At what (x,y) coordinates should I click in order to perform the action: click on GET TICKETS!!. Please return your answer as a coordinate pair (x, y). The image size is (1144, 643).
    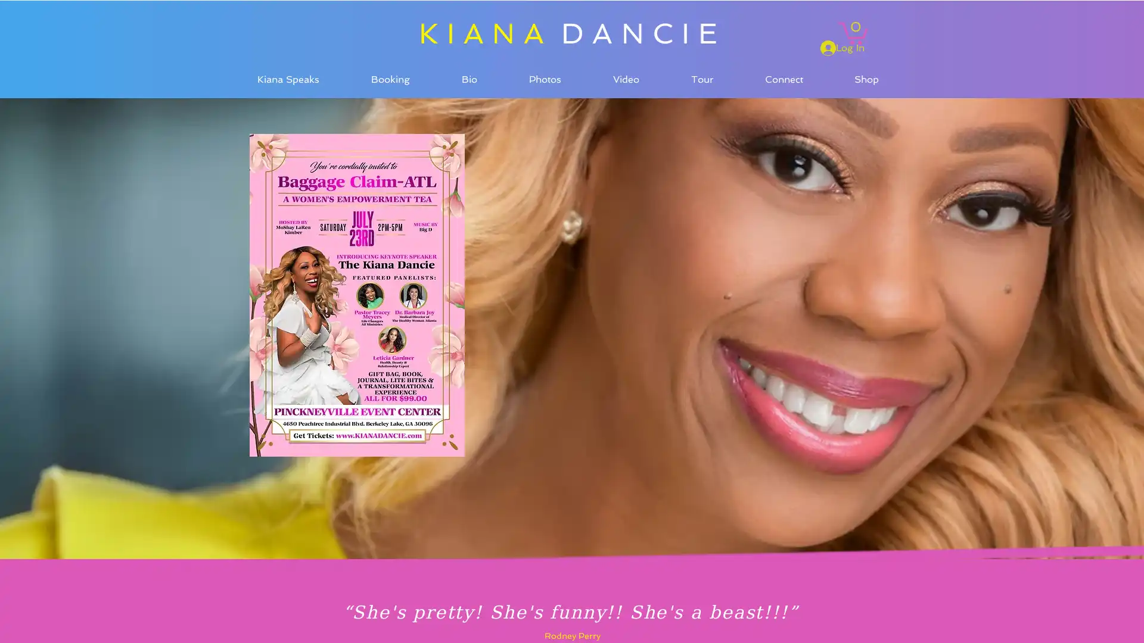
    Looking at the image, I should click on (291, 117).